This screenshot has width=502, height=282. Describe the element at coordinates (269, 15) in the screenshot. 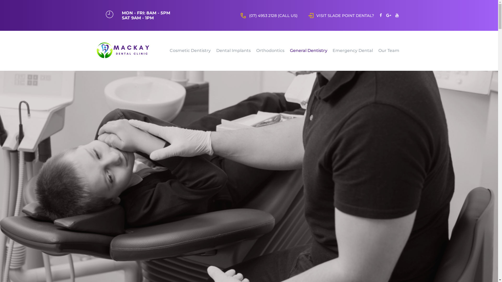

I see `'(07) 4953 2128 (CALL US)'` at that location.